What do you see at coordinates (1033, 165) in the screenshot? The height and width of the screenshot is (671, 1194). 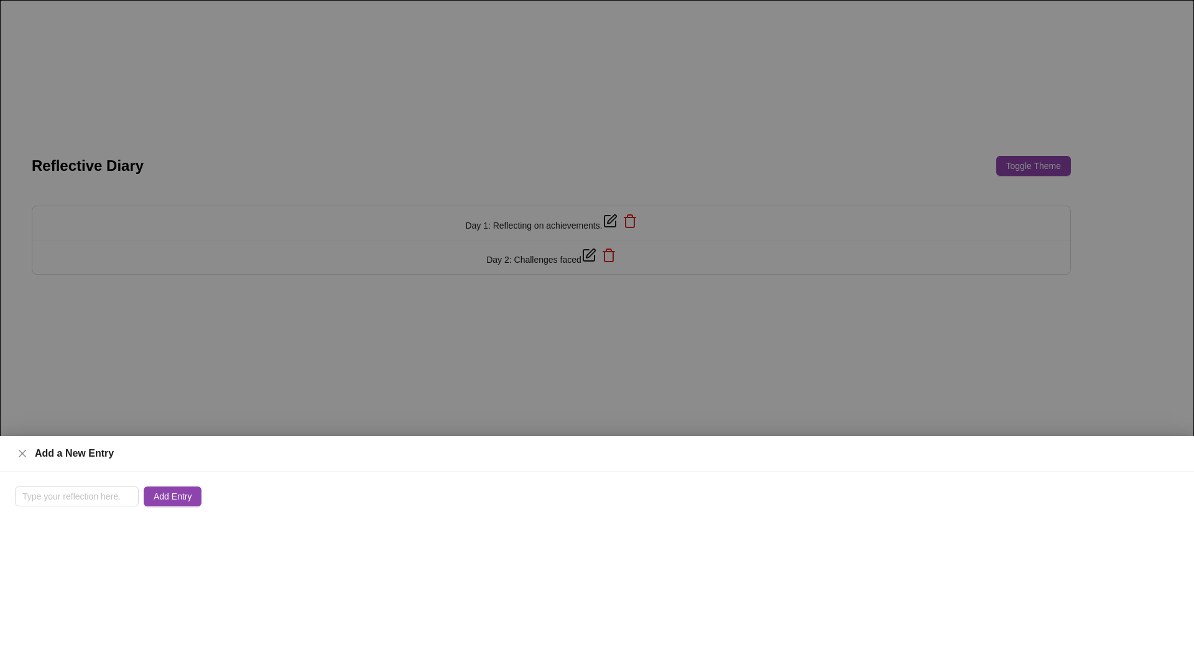 I see `the button labeled with static text that toggles the theme of the application interface, located in the upper-right portion of the layout` at bounding box center [1033, 165].